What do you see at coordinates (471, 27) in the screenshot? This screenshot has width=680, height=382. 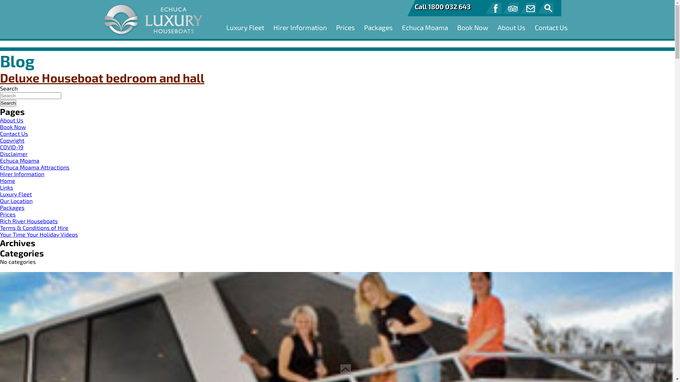 I see `'Book Now'` at bounding box center [471, 27].